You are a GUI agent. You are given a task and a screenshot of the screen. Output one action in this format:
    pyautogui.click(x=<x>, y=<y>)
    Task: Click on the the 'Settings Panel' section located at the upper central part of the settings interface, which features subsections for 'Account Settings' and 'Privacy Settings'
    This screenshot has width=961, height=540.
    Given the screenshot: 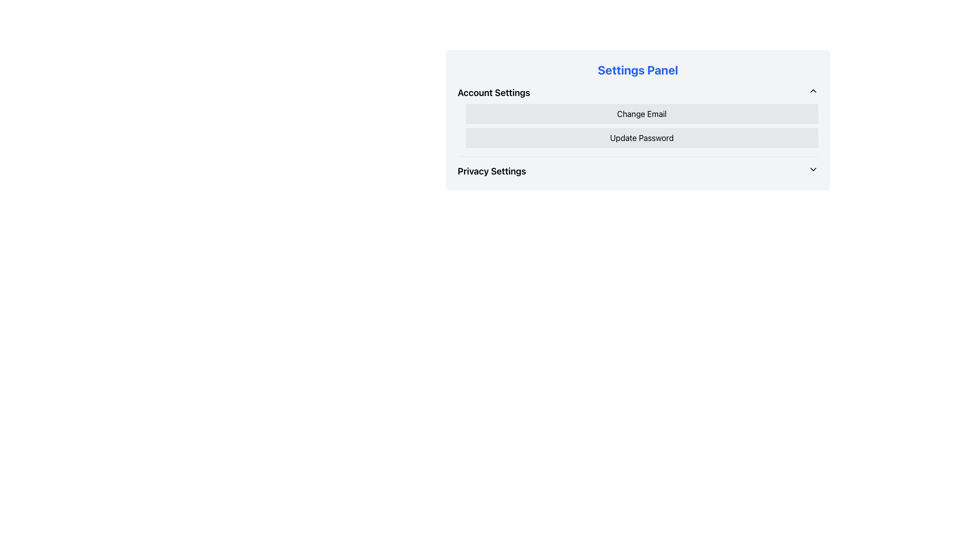 What is the action you would take?
    pyautogui.click(x=637, y=119)
    